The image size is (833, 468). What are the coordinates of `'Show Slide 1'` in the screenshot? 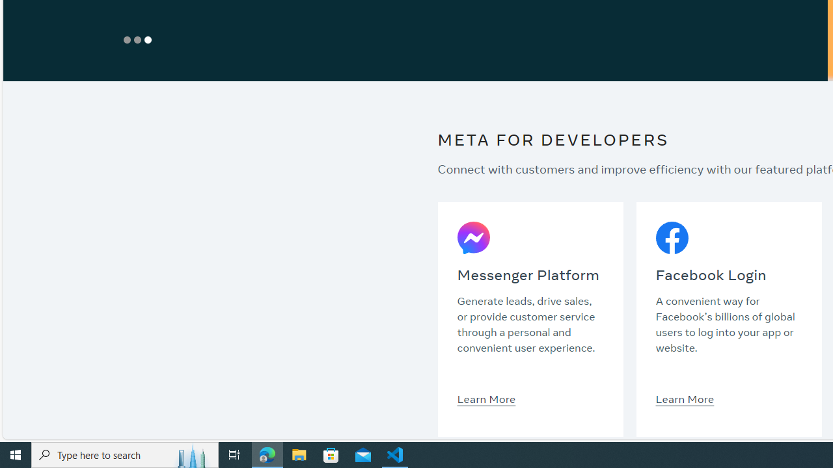 It's located at (127, 39).